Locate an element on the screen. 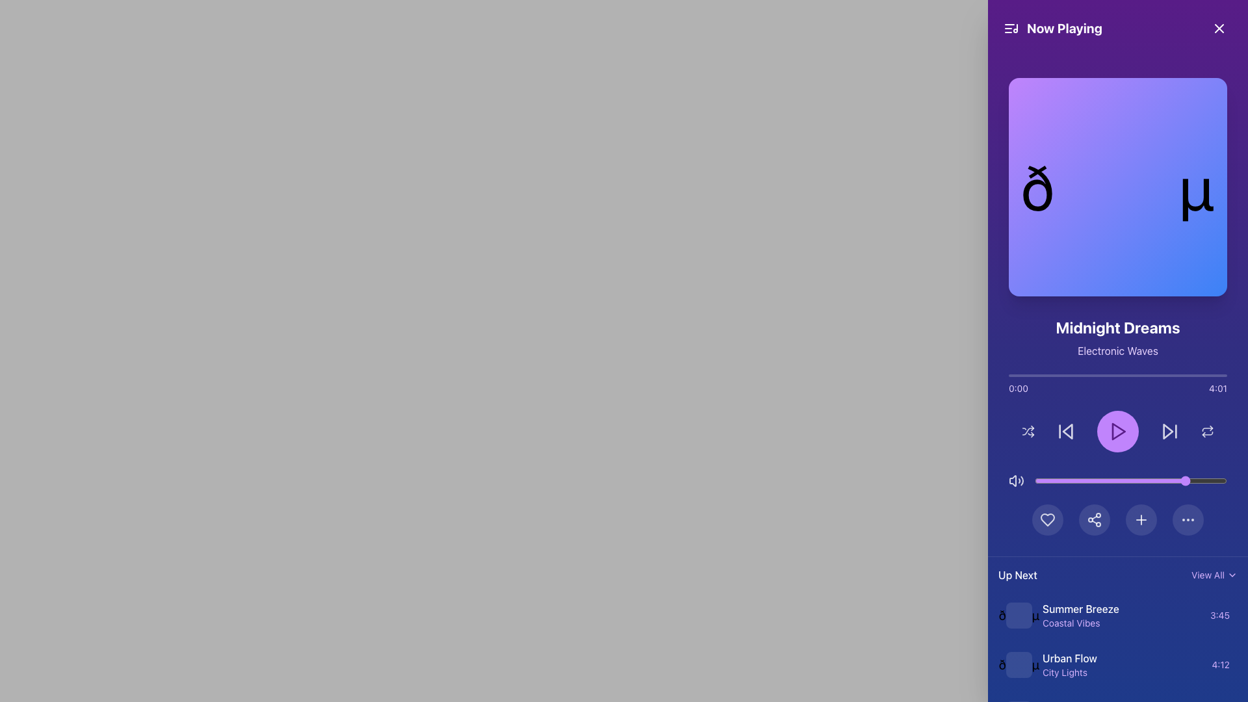 The image size is (1248, 702). the circular share button, which features three interconnecting circles, located below the playback controls and is the second button from the left in its group is located at coordinates (1094, 519).